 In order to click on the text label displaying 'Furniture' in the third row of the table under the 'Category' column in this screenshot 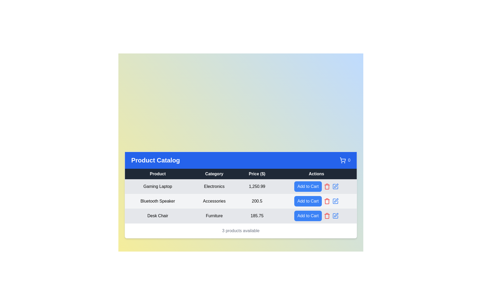, I will do `click(214, 216)`.